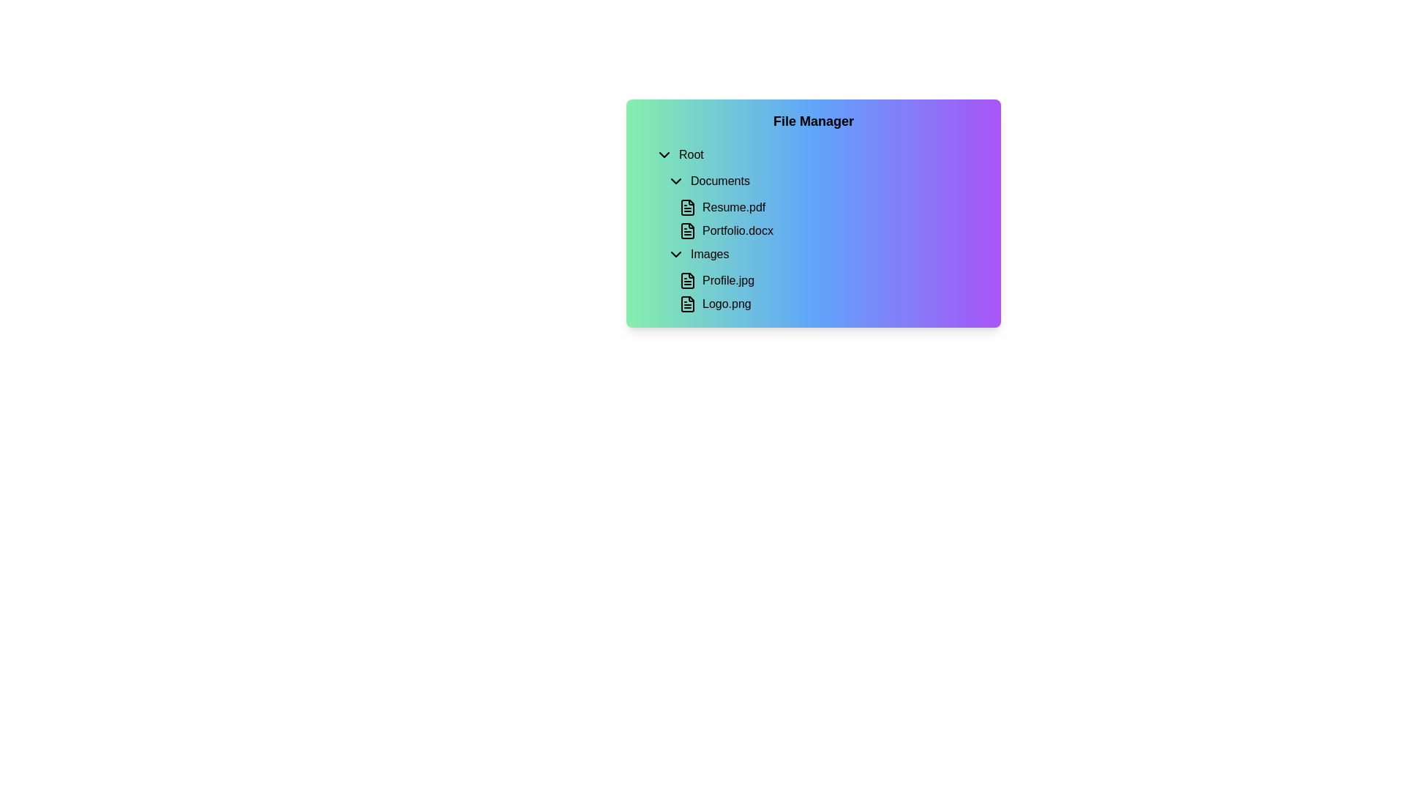 This screenshot has width=1405, height=790. Describe the element at coordinates (831, 304) in the screenshot. I see `the button labeled 'Logo.png'` at that location.